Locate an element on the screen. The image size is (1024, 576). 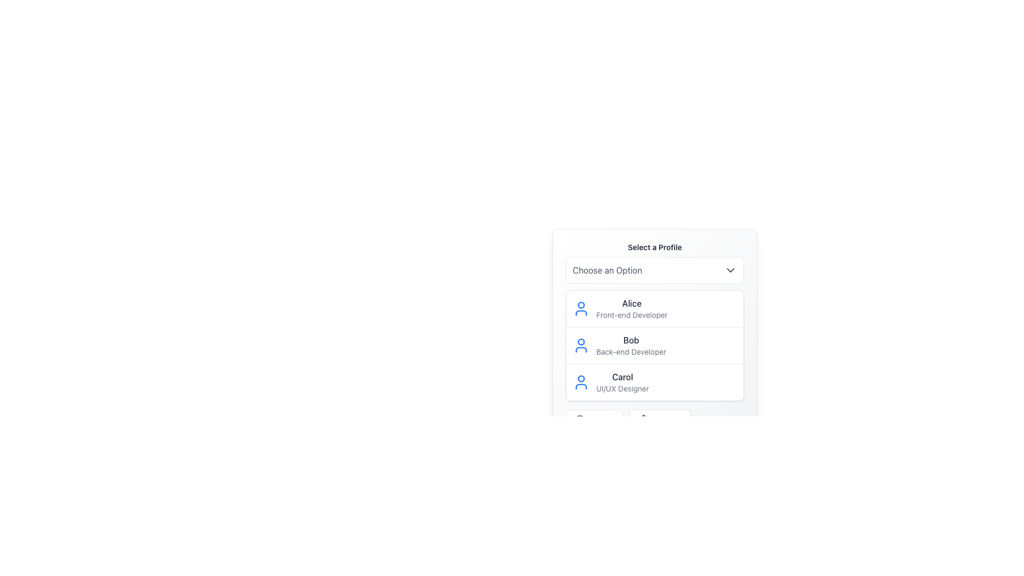
the circular sub-component of the user profile icon located to the left of the profile entry labeled 'Carol', which is the third entry in the vertical list is located at coordinates (580, 378).